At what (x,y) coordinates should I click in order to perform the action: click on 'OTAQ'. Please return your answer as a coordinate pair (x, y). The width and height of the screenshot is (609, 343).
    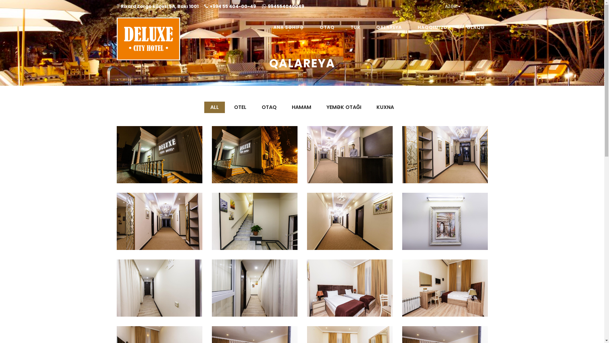
    Looking at the image, I should click on (269, 107).